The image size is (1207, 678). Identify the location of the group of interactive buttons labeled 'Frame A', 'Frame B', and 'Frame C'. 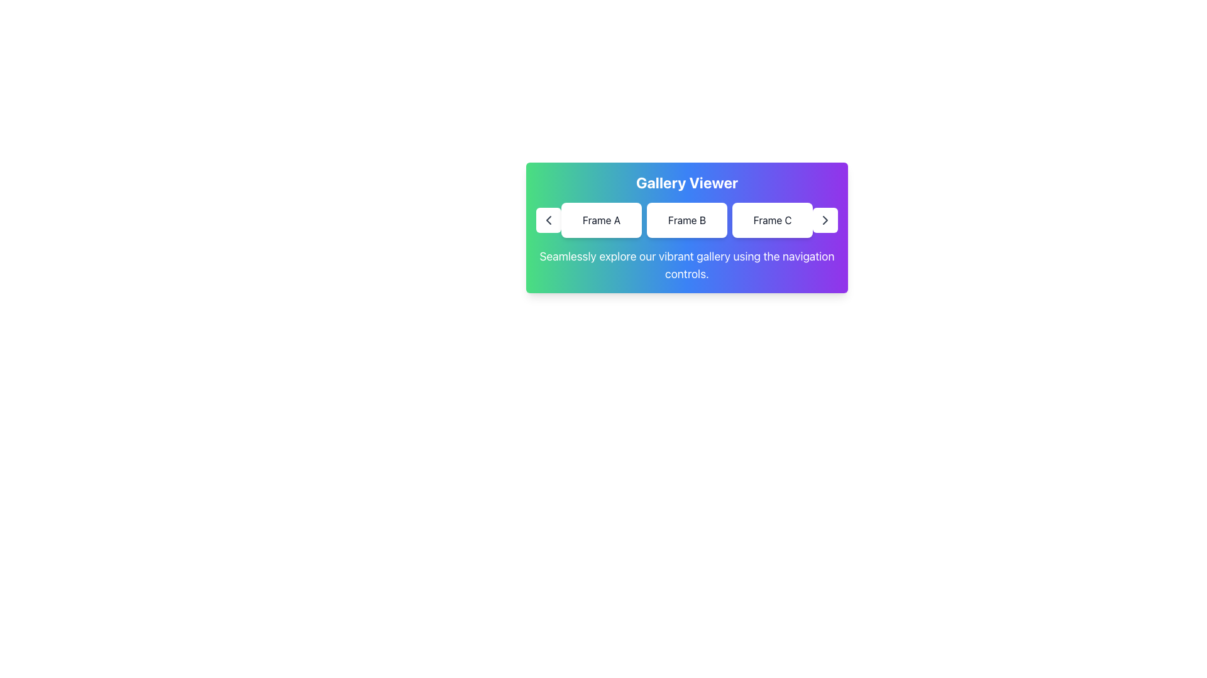
(686, 220).